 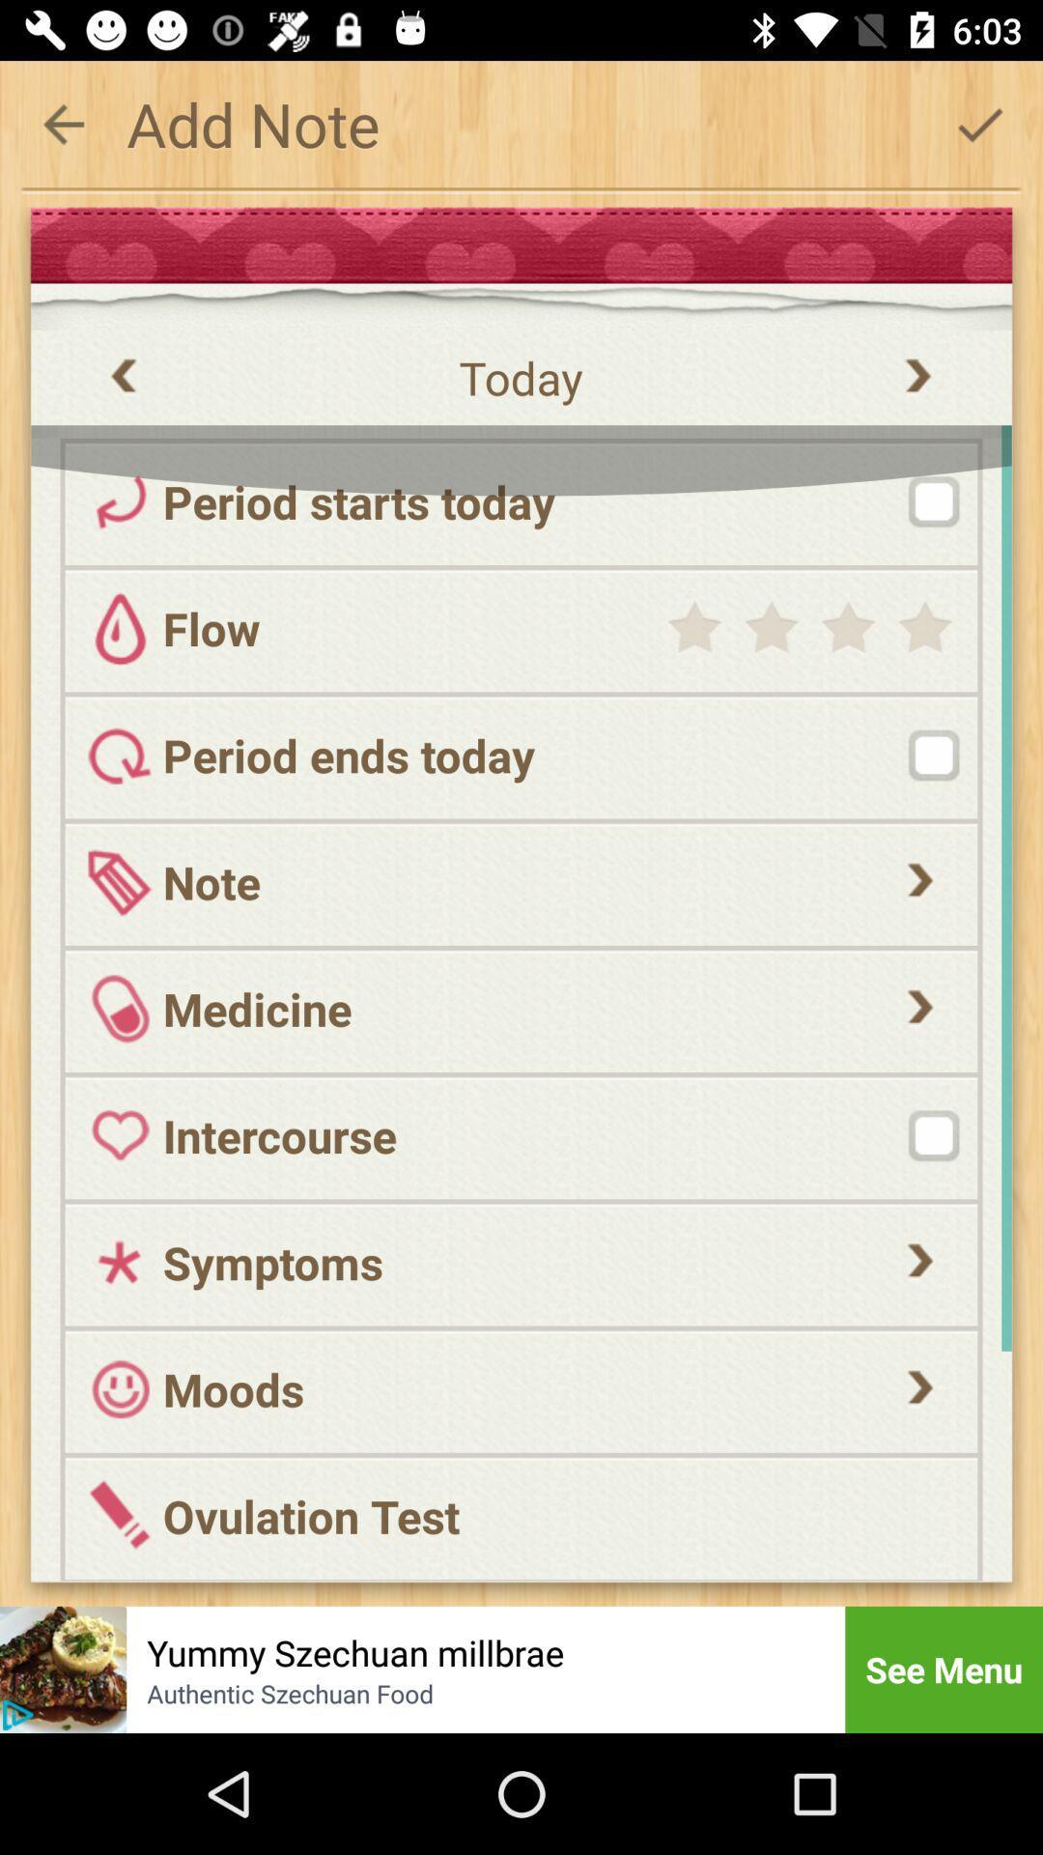 I want to click on the check icon, so click(x=979, y=123).